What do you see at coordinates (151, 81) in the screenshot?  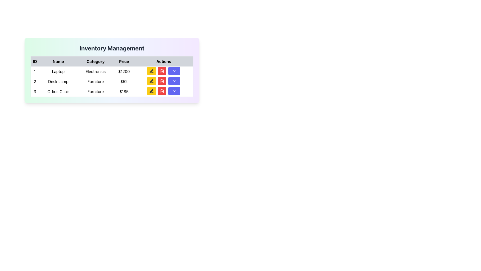 I see `the SVG-based icon component for editing functionality in the 'Desk Lamp' row within the Actions column` at bounding box center [151, 81].